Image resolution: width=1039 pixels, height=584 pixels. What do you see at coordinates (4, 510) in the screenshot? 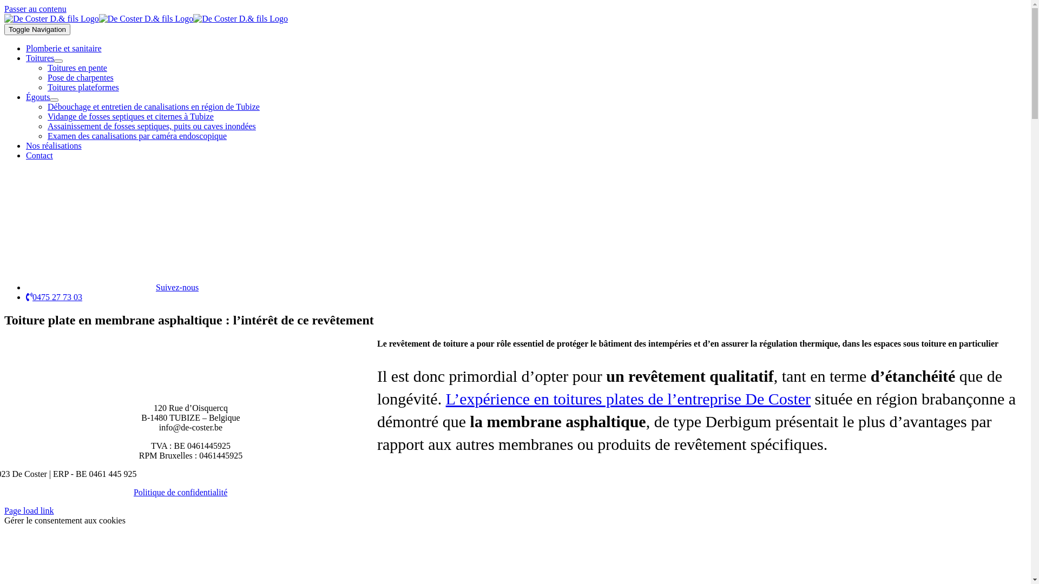
I see `'Page load link'` at bounding box center [4, 510].